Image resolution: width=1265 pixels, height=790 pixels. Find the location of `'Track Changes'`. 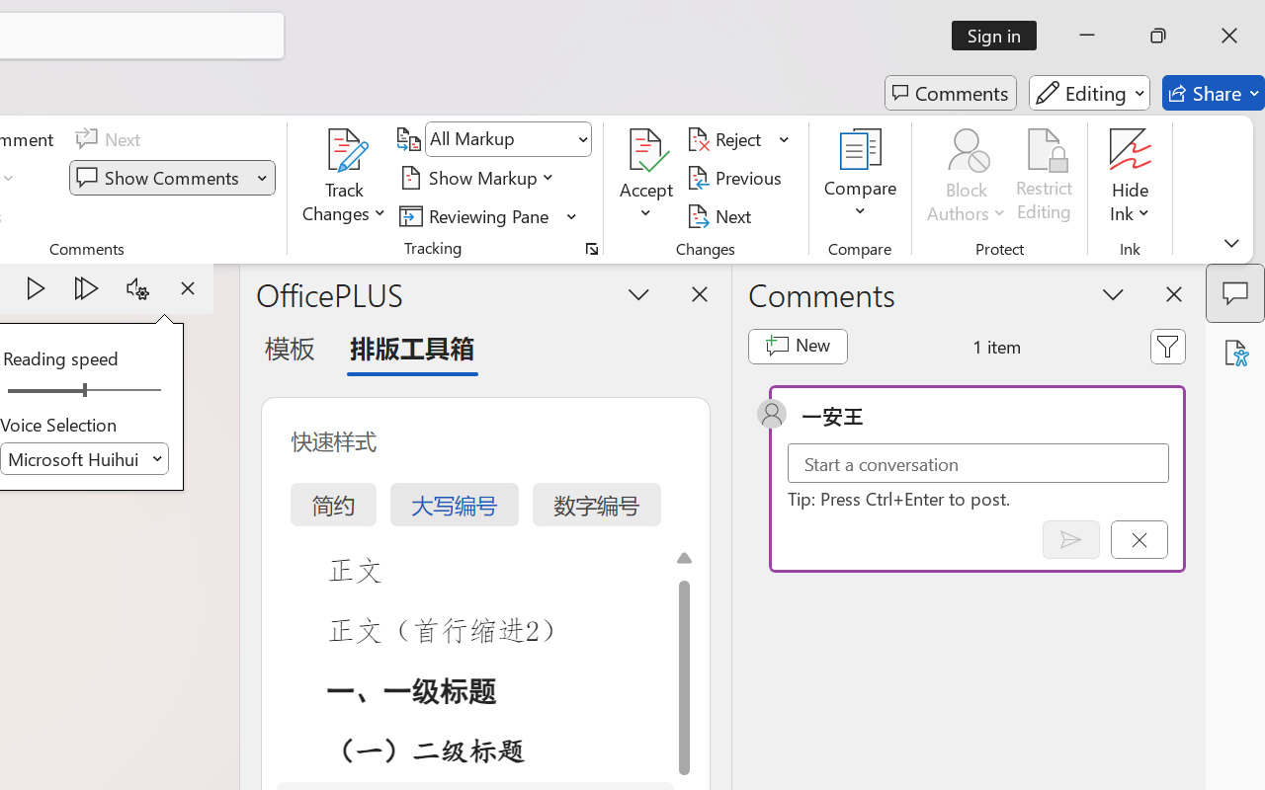

'Track Changes' is located at coordinates (345, 149).